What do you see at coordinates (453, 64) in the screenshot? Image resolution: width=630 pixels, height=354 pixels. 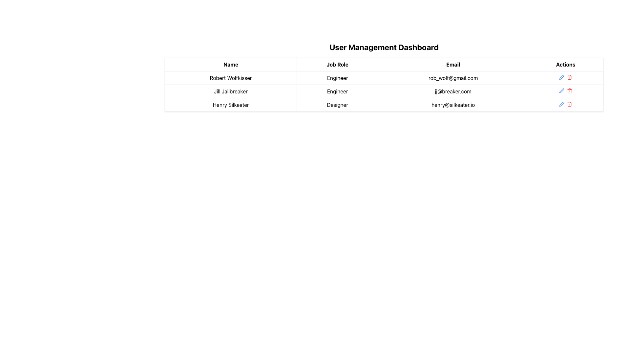 I see `the 'Email' text label, which is the third column header in a multi-column table, displayed in a plain black font on a white background` at bounding box center [453, 64].